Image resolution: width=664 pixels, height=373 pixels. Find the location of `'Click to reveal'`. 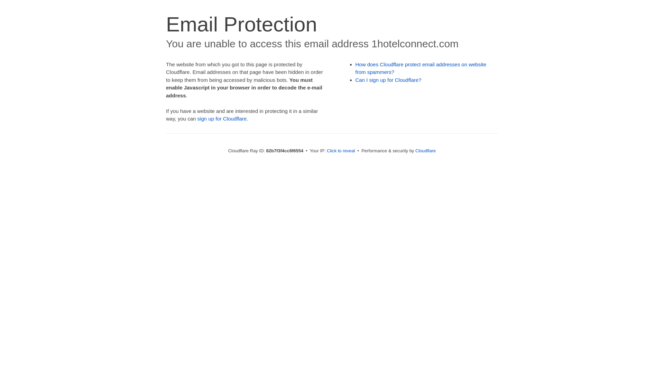

'Click to reveal' is located at coordinates (341, 150).